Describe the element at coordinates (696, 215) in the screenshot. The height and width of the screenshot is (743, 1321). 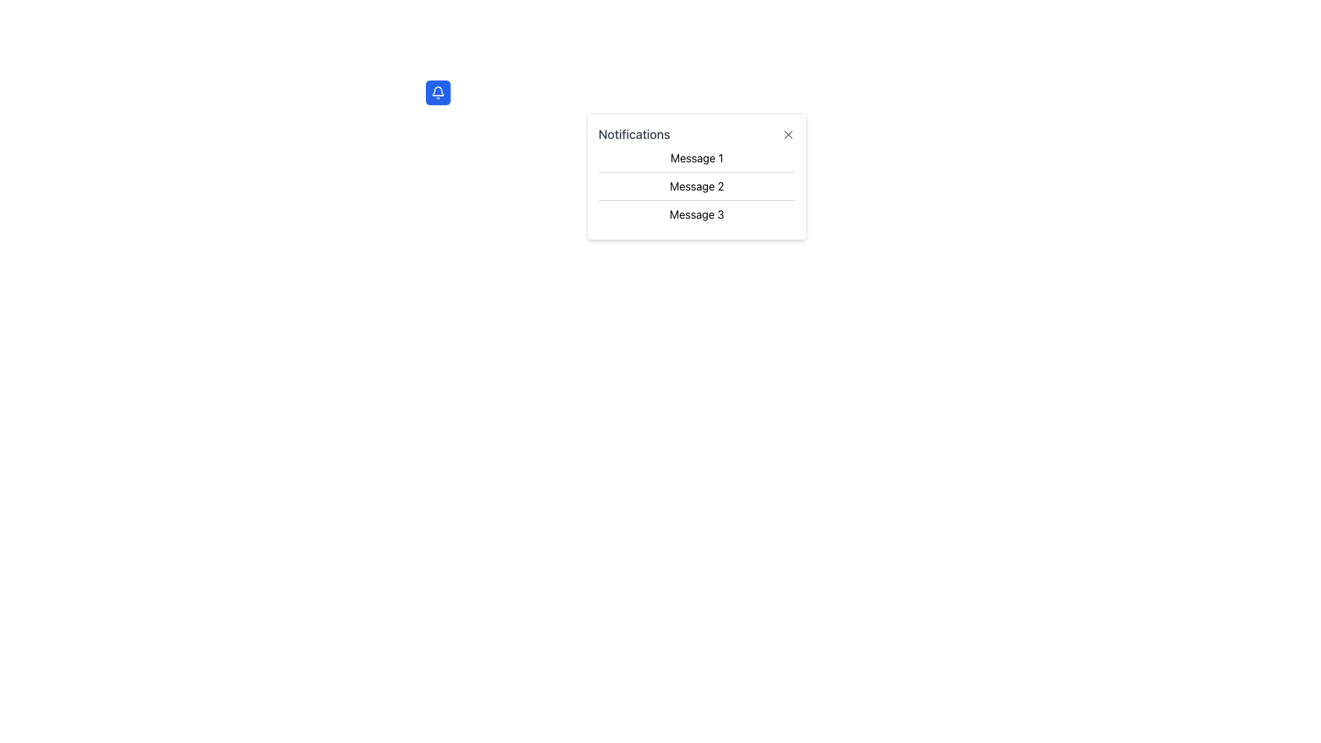
I see `the text label displaying 'Message 3', which is the third item in the notification dropdown list located at the top-right corner of the interface` at that location.